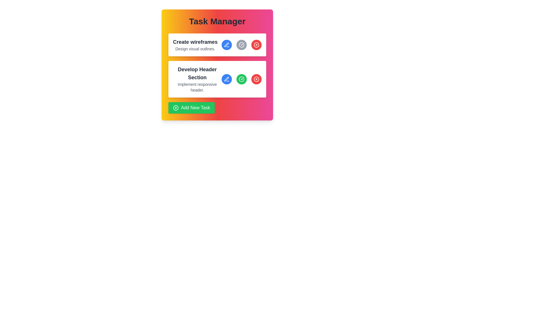 The width and height of the screenshot is (549, 309). I want to click on the primary header text display that shows 'Develop Header Section' to highlight the element, so click(197, 73).